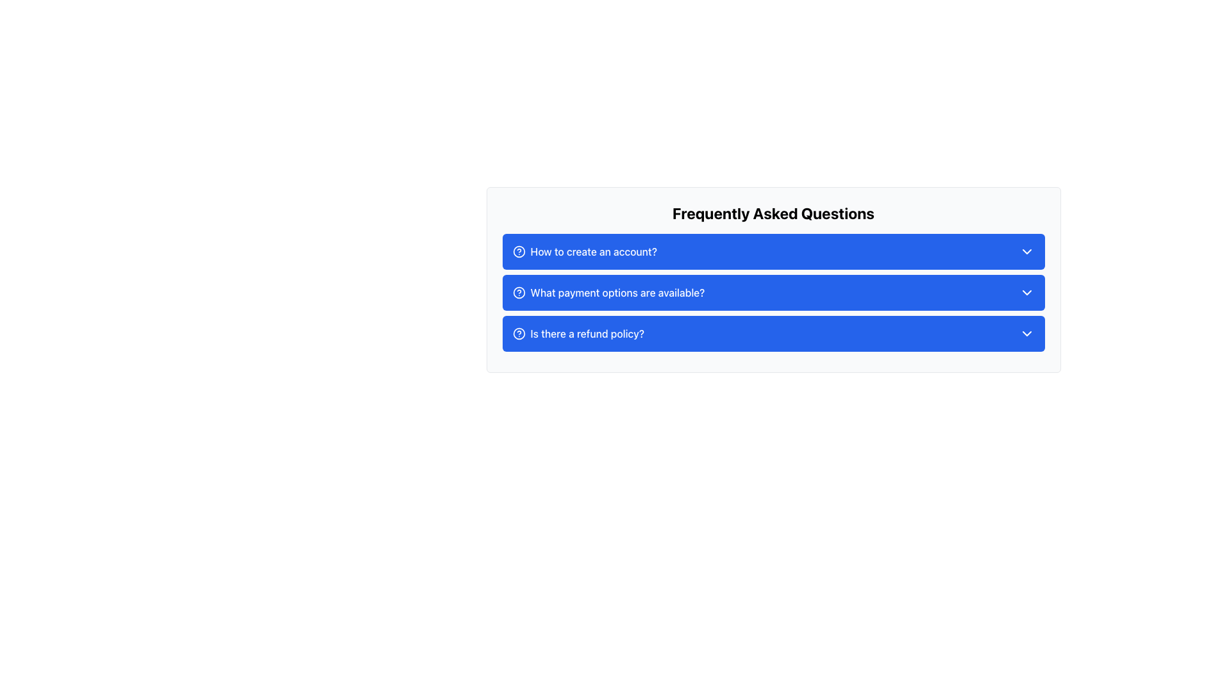 The image size is (1231, 692). What do you see at coordinates (608, 292) in the screenshot?
I see `the text label 'What payment options are available?' with a question mark icon` at bounding box center [608, 292].